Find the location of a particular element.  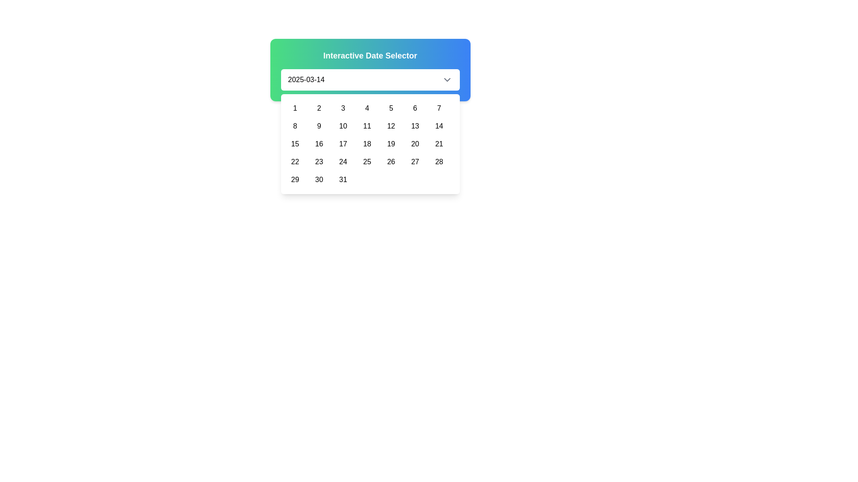

the button located in the third row and sixth column of the calendar interface is located at coordinates (415, 144).